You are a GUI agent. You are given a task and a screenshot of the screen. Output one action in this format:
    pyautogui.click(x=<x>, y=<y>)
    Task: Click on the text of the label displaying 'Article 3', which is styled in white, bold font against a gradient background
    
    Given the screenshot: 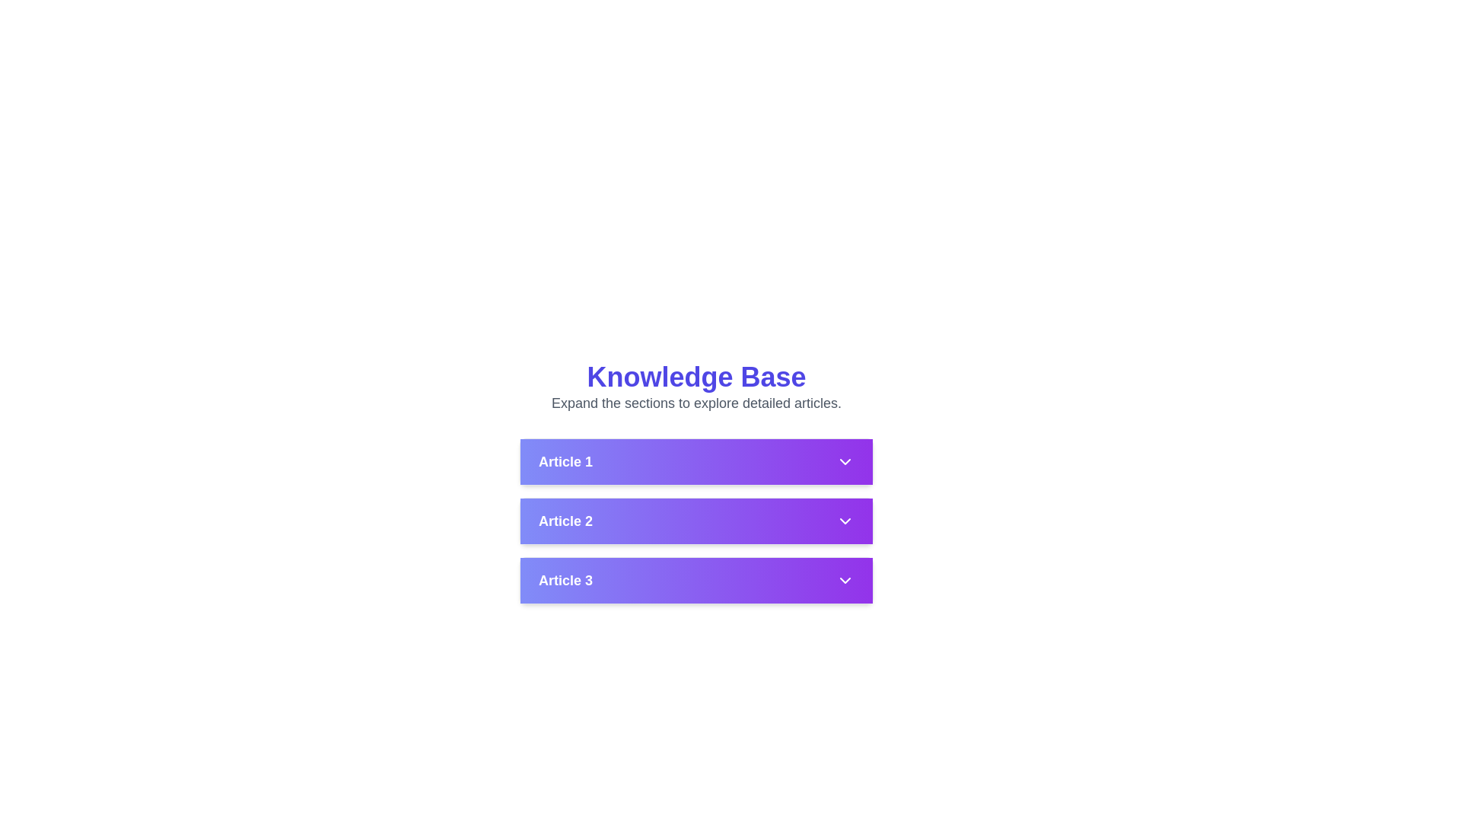 What is the action you would take?
    pyautogui.click(x=565, y=581)
    